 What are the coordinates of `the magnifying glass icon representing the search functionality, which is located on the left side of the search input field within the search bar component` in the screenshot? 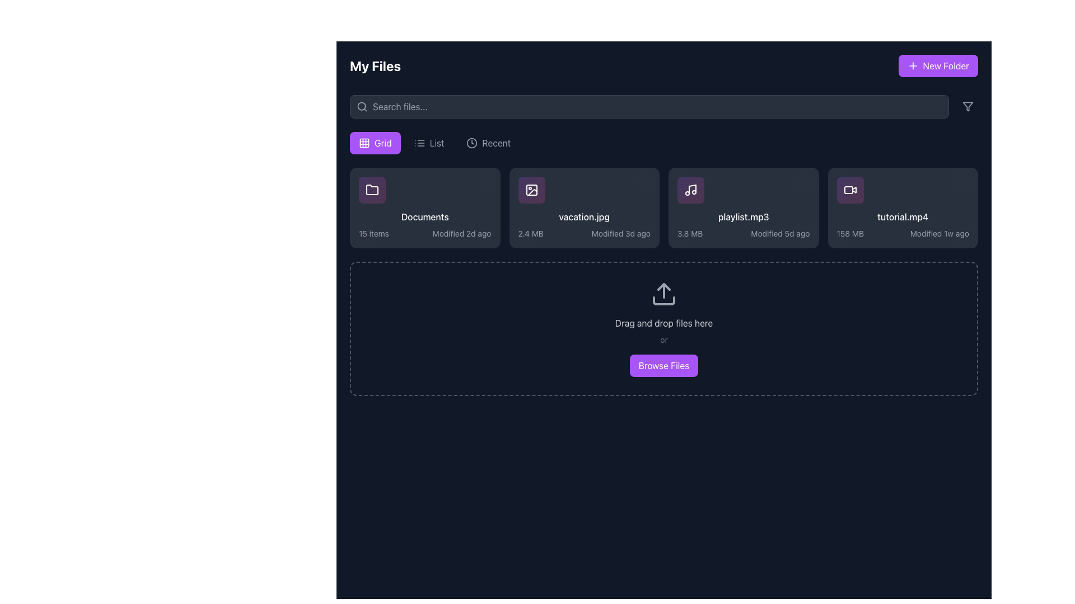 It's located at (362, 107).